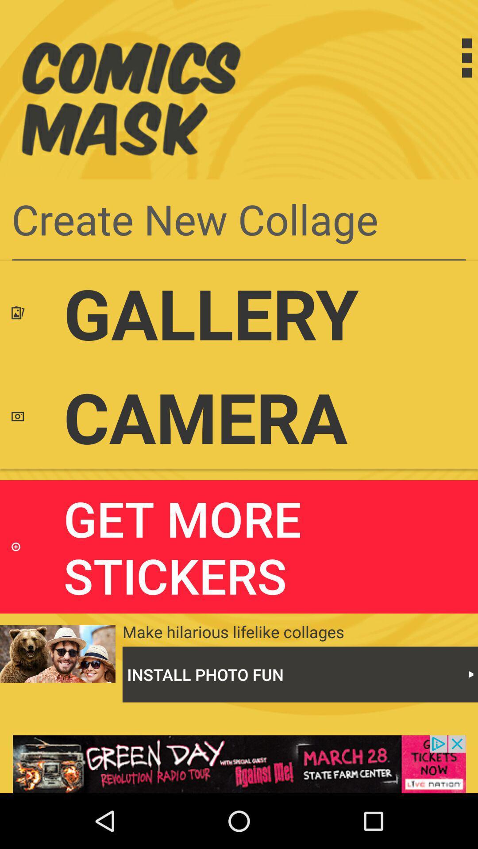 The height and width of the screenshot is (849, 478). Describe the element at coordinates (239, 764) in the screenshot. I see `click on advertisement` at that location.